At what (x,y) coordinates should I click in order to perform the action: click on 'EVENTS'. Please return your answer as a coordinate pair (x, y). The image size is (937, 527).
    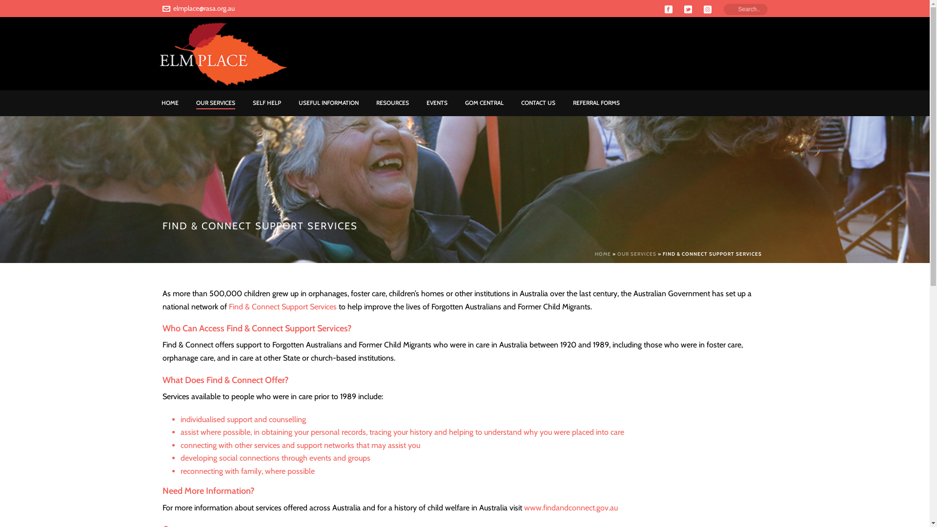
    Looking at the image, I should click on (436, 103).